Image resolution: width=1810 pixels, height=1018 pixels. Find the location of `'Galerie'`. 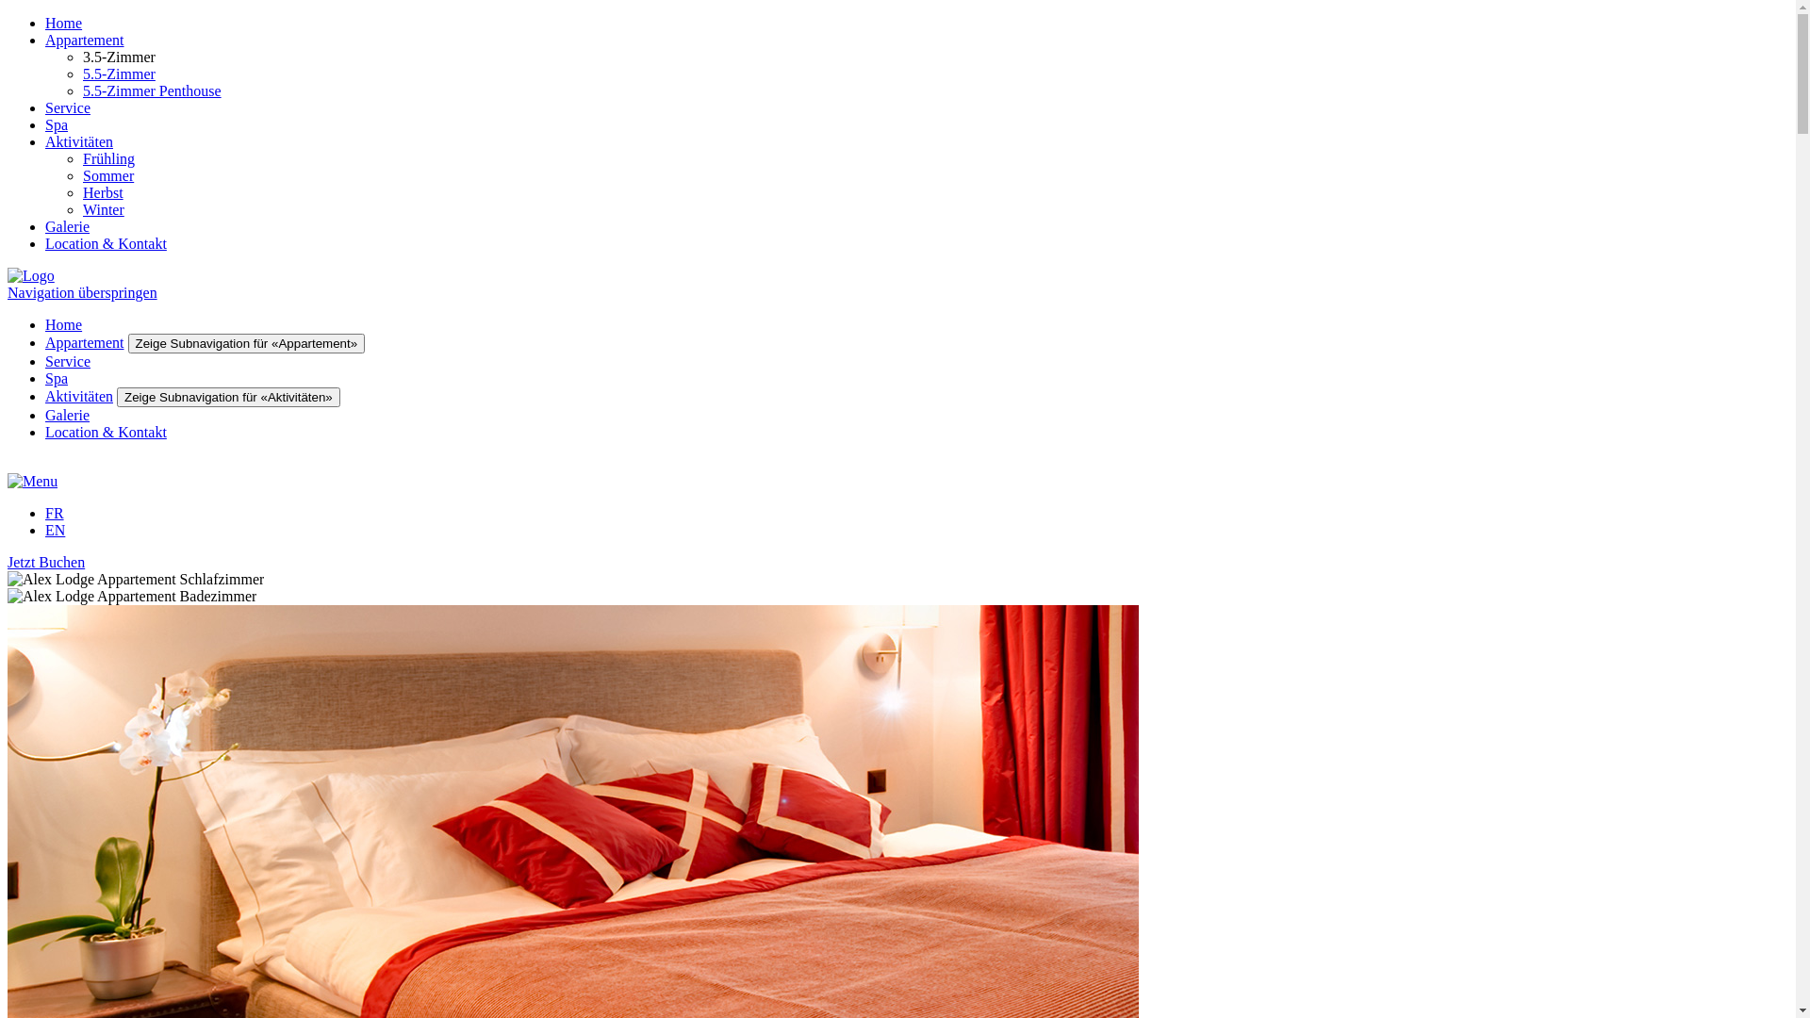

'Galerie' is located at coordinates (45, 414).